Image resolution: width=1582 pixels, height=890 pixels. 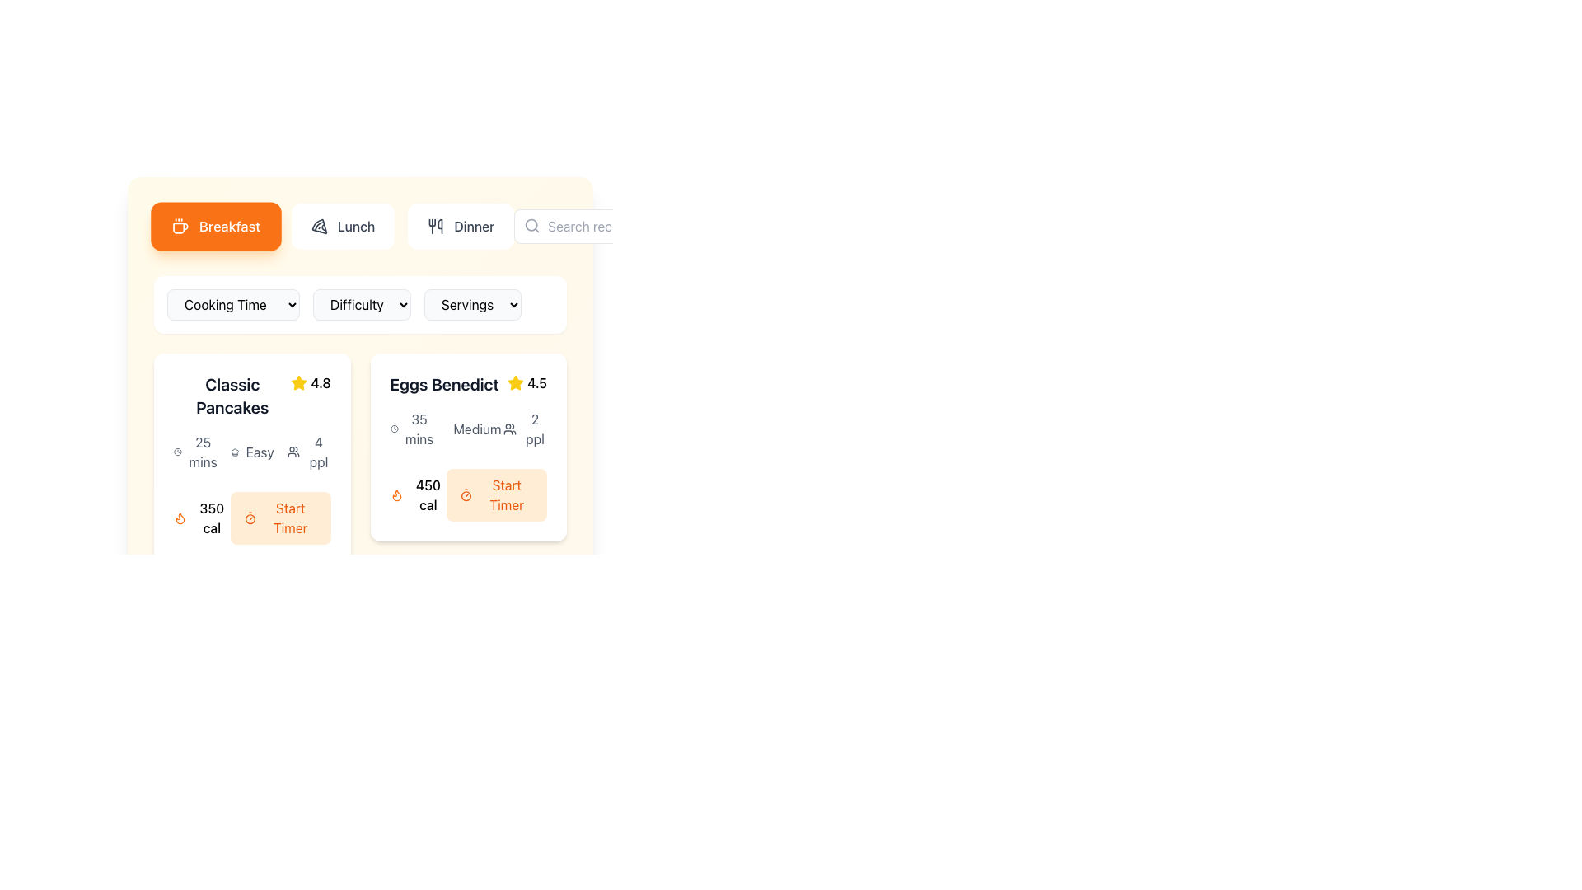 What do you see at coordinates (467, 428) in the screenshot?
I see `the Text label indicating the medium difficulty level of the associated recipe, located between '35 mins' and '2 ppl'` at bounding box center [467, 428].